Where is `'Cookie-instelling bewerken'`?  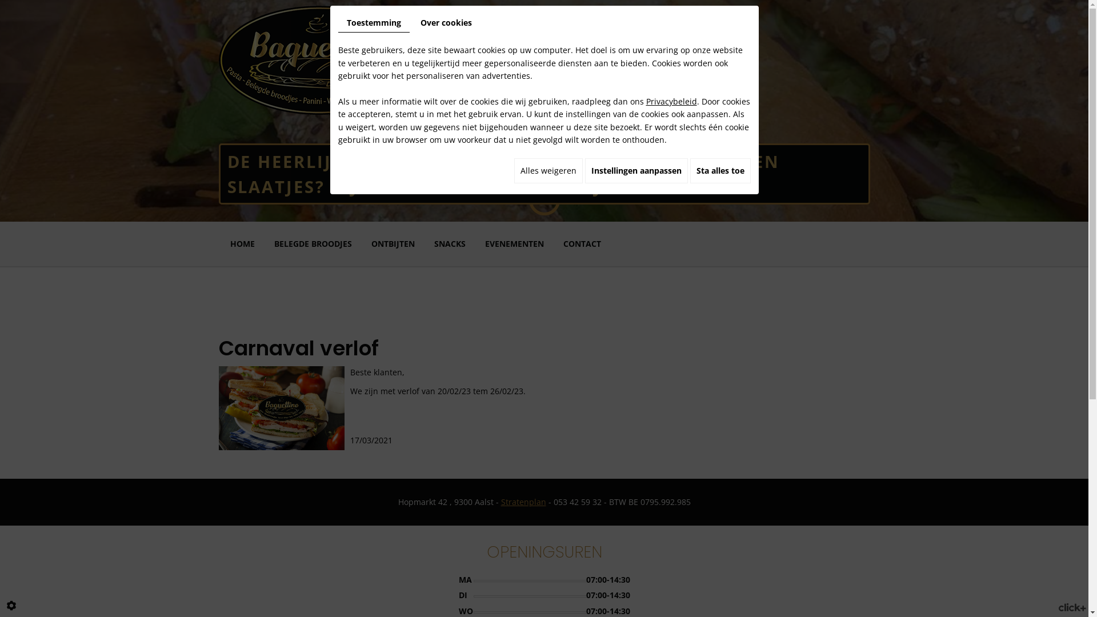 'Cookie-instelling bewerken' is located at coordinates (11, 605).